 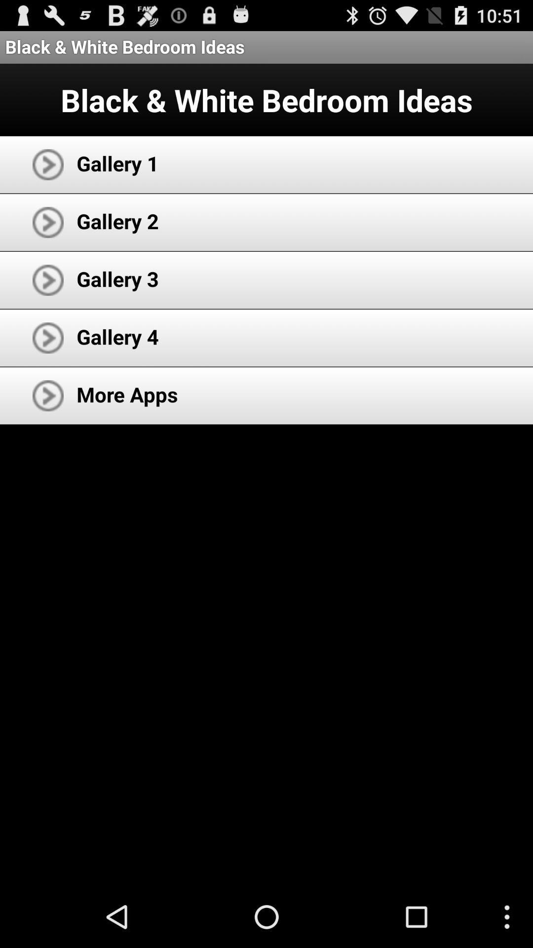 I want to click on icon above gallery 4 item, so click(x=117, y=278).